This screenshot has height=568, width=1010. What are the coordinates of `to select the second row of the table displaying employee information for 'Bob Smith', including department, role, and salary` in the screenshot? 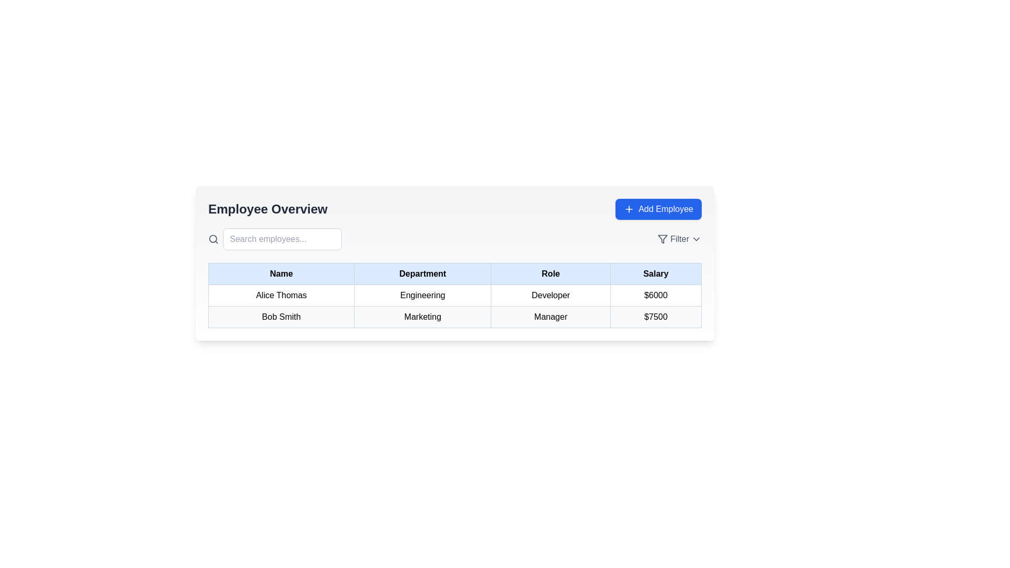 It's located at (454, 306).